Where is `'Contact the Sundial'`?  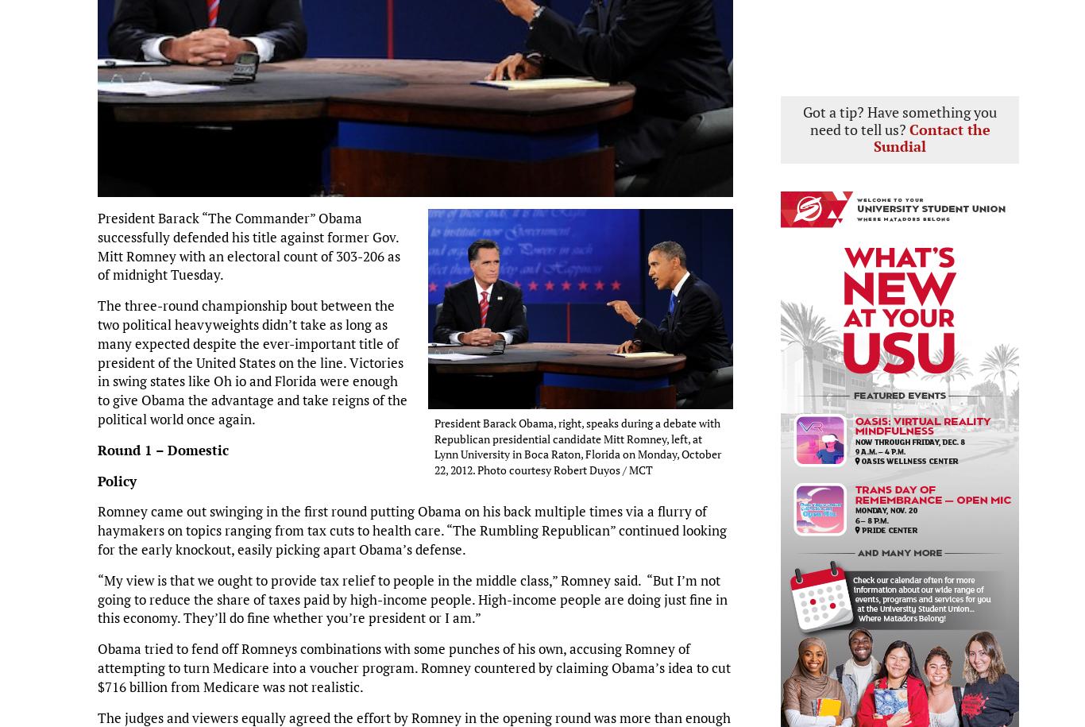
'Contact the Sundial' is located at coordinates (931, 137).